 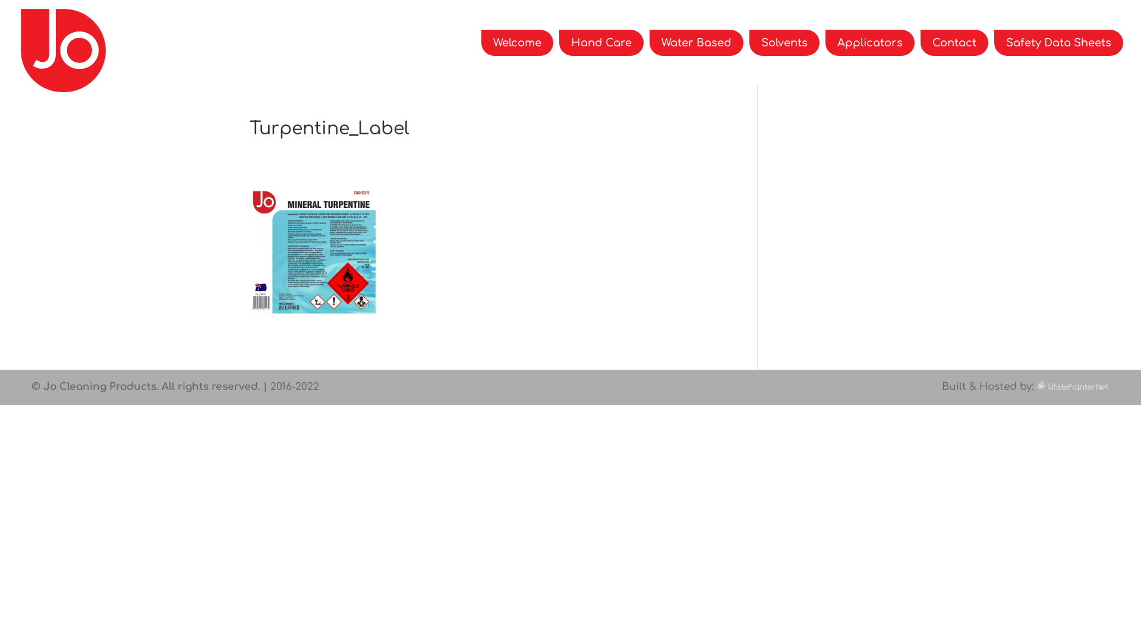 What do you see at coordinates (954, 42) in the screenshot?
I see `'Contact'` at bounding box center [954, 42].